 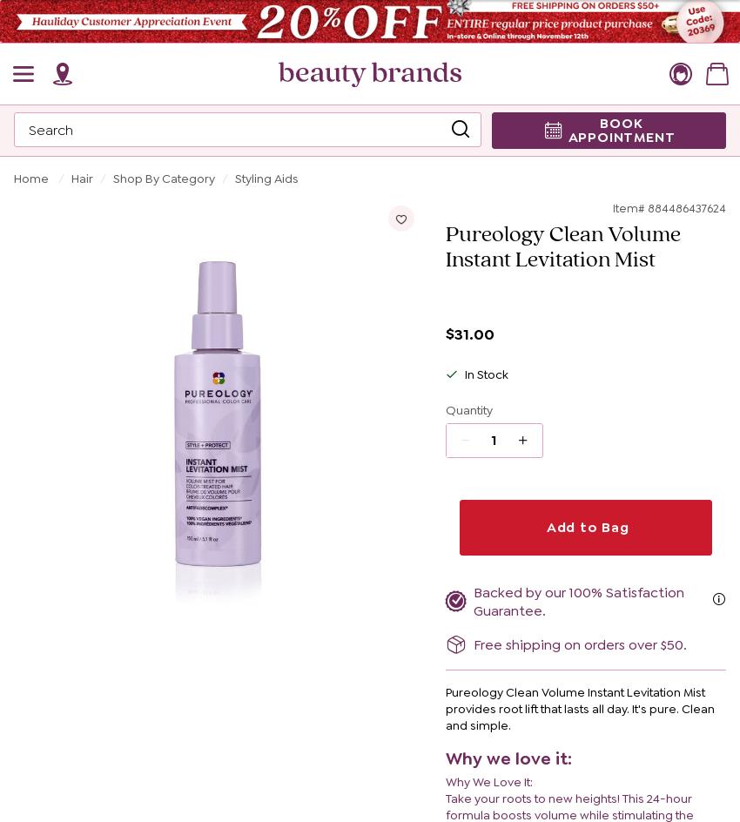 I want to click on 'Quantity', so click(x=467, y=408).